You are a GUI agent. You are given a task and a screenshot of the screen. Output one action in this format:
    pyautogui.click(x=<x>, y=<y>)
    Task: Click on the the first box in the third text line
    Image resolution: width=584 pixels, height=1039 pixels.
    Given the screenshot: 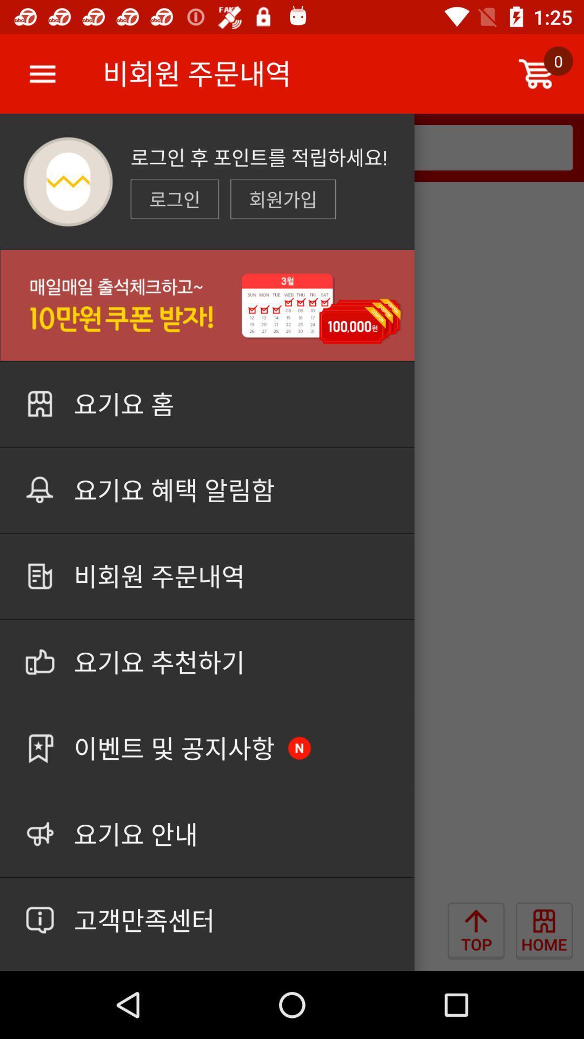 What is the action you would take?
    pyautogui.click(x=174, y=199)
    